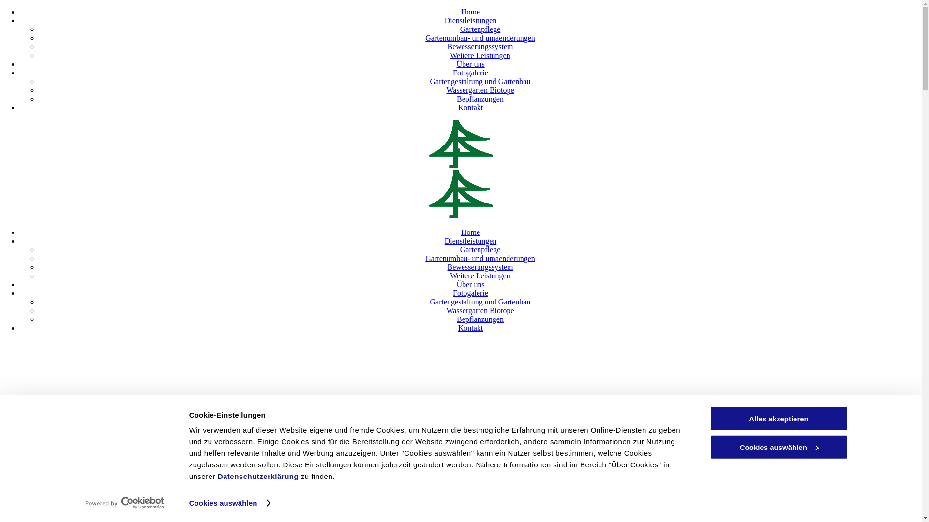 The height and width of the screenshot is (522, 929). I want to click on 'Dienstleistungen', so click(444, 240).